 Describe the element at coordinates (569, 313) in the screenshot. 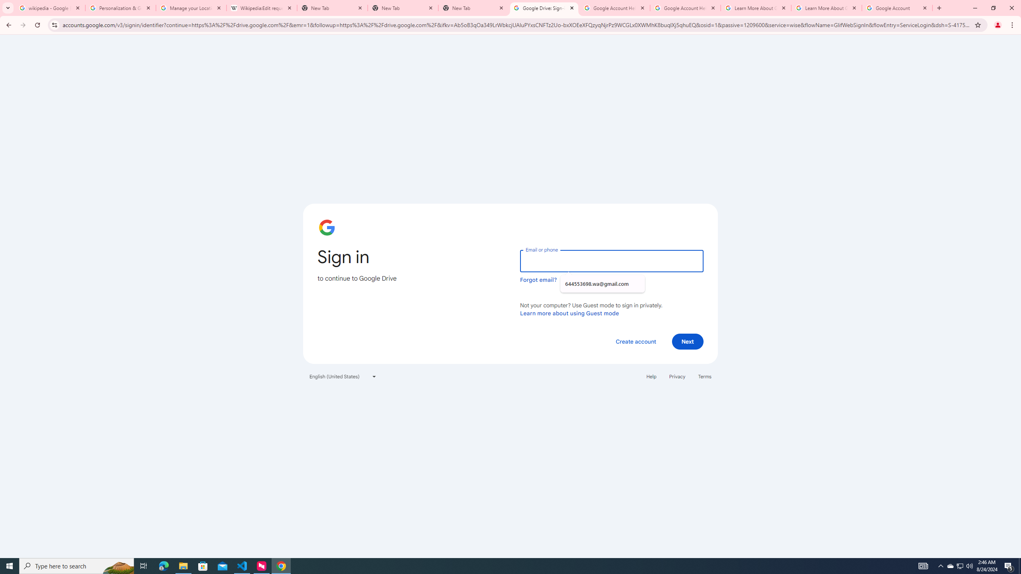

I see `'Learn more about using Guest mode'` at that location.